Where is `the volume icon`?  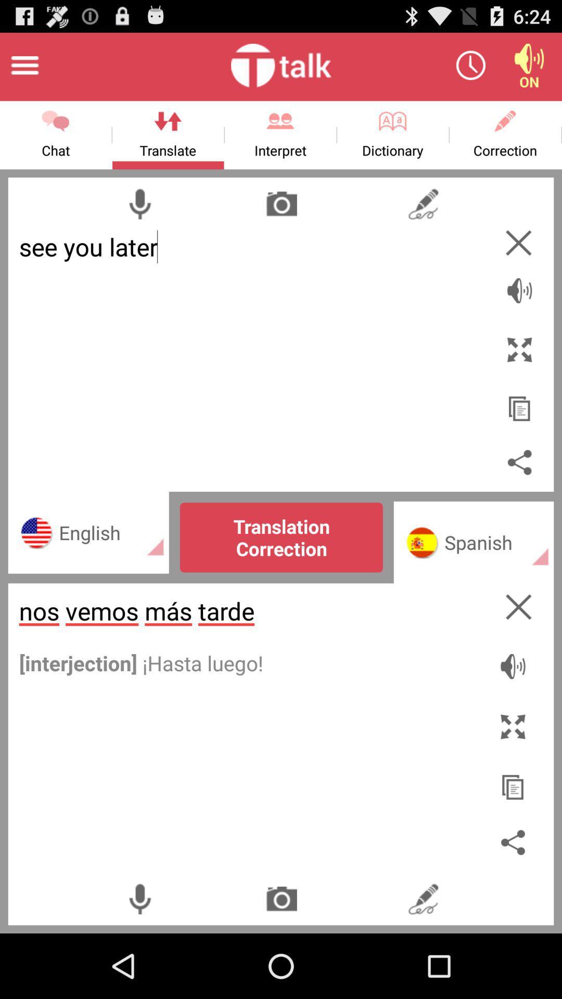
the volume icon is located at coordinates (519, 300).